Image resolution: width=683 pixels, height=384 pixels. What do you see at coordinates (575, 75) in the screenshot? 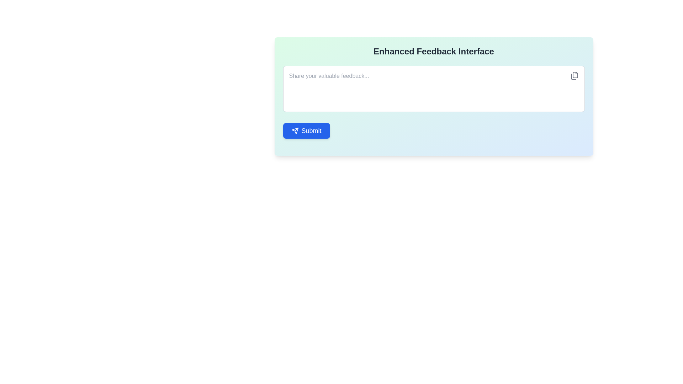
I see `the icon button resembling two overlapping file sheets located at the top-right corner of the feedback text box` at bounding box center [575, 75].